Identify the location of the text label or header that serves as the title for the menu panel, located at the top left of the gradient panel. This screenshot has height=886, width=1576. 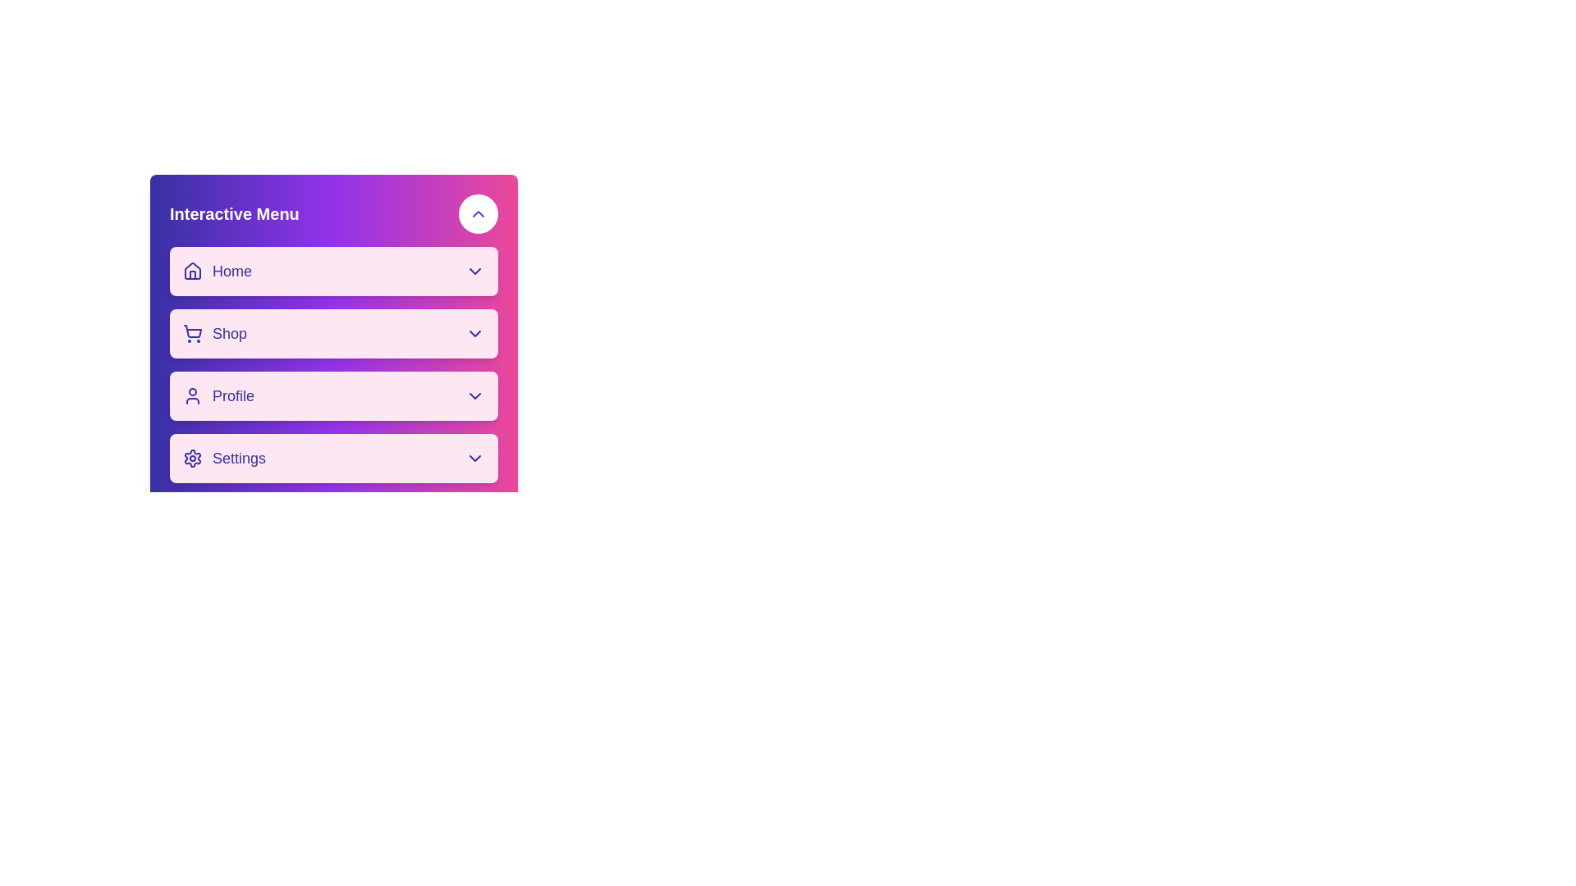
(233, 213).